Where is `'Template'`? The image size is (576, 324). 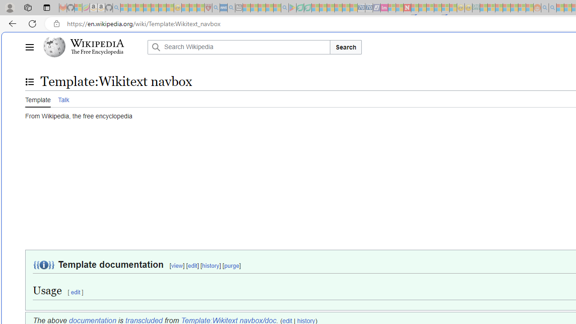 'Template' is located at coordinates (37, 99).